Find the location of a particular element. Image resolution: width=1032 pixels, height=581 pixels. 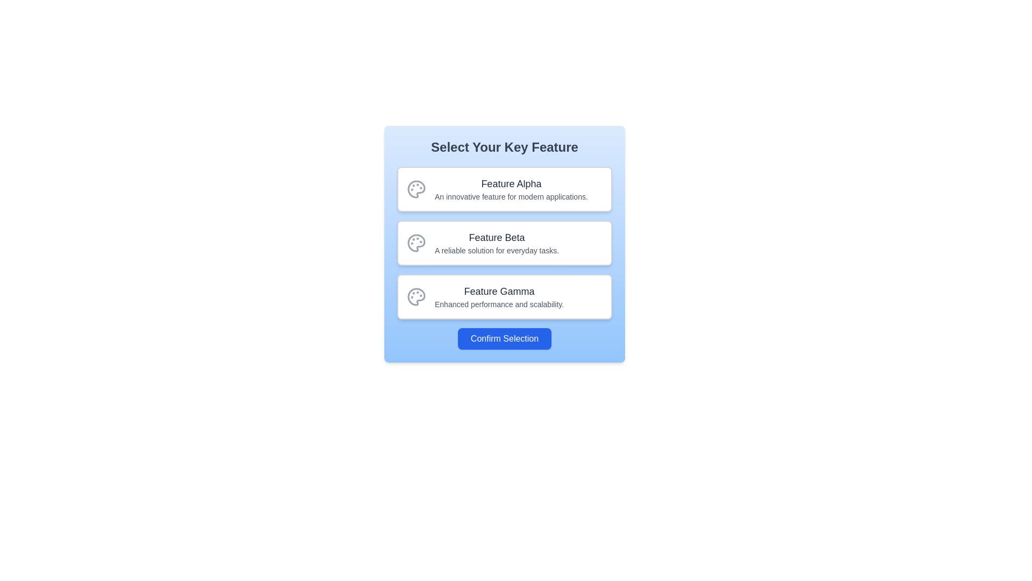

the 'Confirm Selection' button with rounded corners and a blue background to confirm the selection is located at coordinates (504, 338).